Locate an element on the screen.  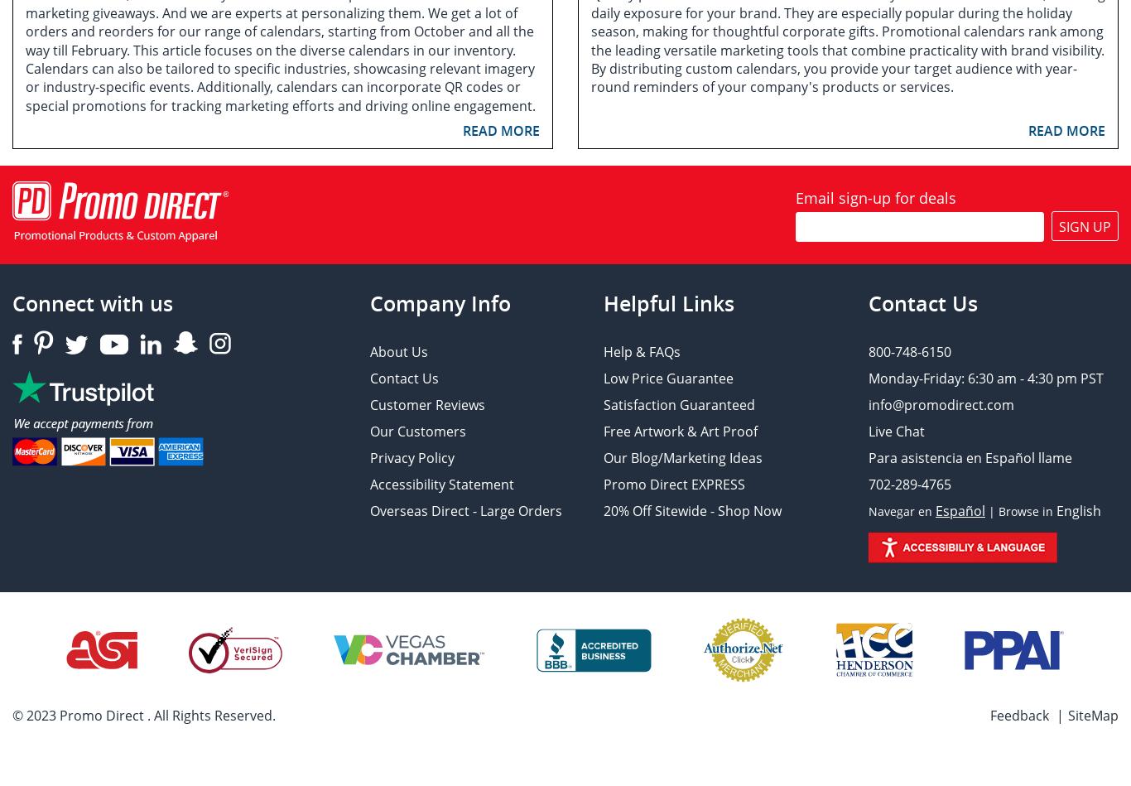
'Free Artwork & Art Proof' is located at coordinates (680, 431).